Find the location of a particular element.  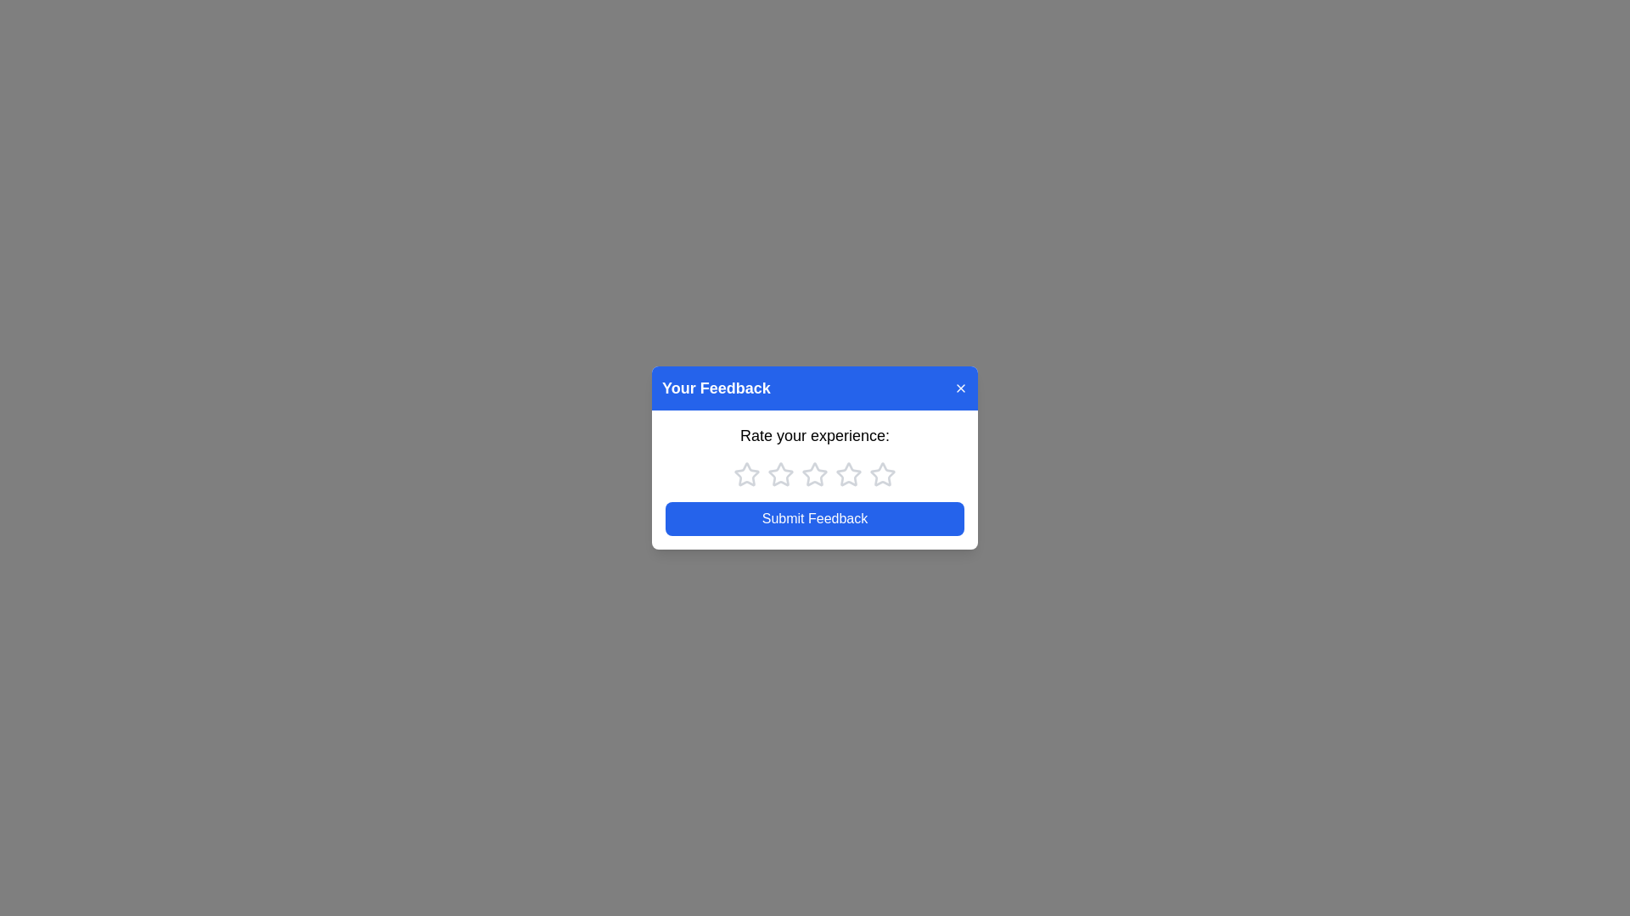

the star corresponding to the rating 4 is located at coordinates (848, 474).